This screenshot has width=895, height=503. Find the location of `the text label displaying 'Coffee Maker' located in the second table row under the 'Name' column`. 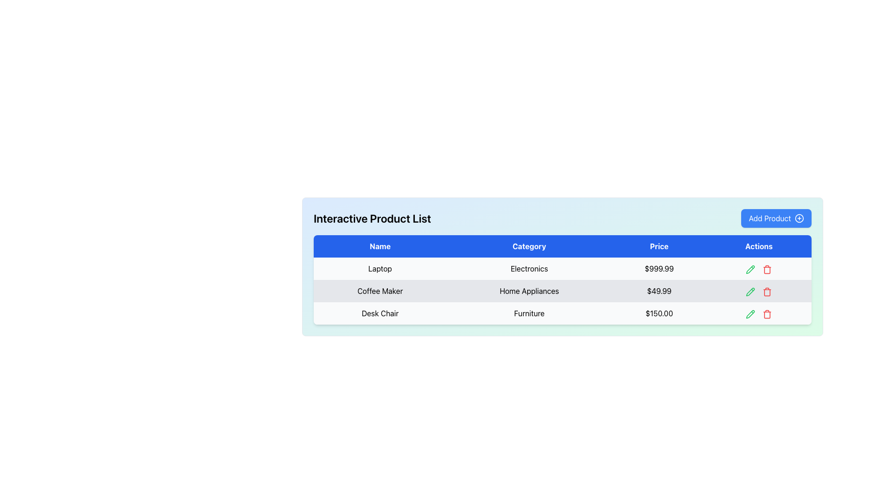

the text label displaying 'Coffee Maker' located in the second table row under the 'Name' column is located at coordinates (380, 290).